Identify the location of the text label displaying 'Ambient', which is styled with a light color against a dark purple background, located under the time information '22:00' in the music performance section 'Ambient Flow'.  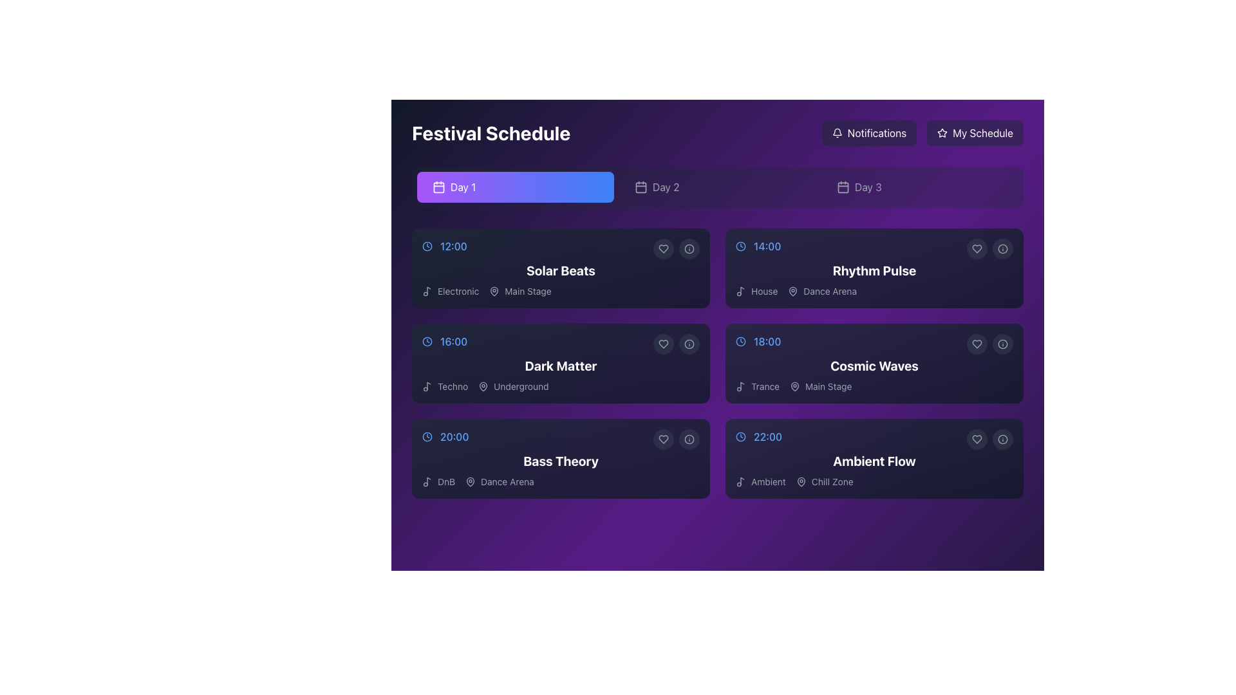
(768, 481).